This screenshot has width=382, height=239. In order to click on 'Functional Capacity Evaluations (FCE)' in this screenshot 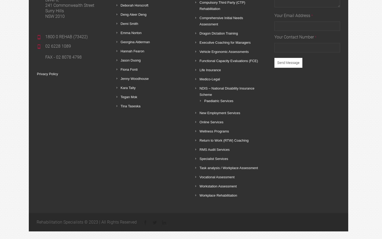, I will do `click(200, 60)`.